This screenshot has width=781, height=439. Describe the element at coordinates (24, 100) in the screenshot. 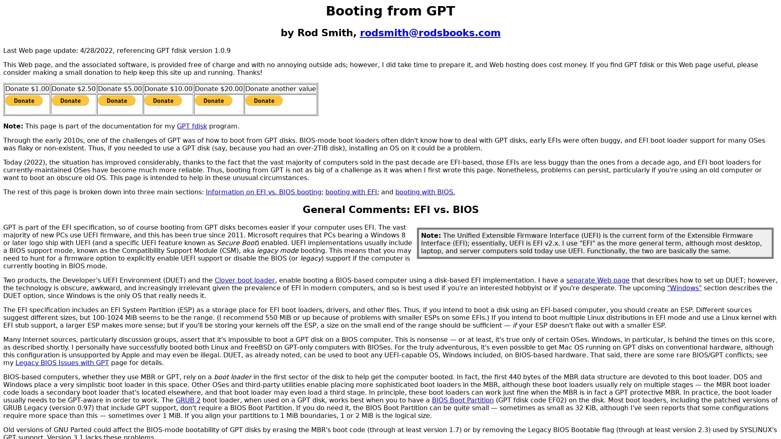

I see `PayPal - The safer, easier way to pay online!` at that location.